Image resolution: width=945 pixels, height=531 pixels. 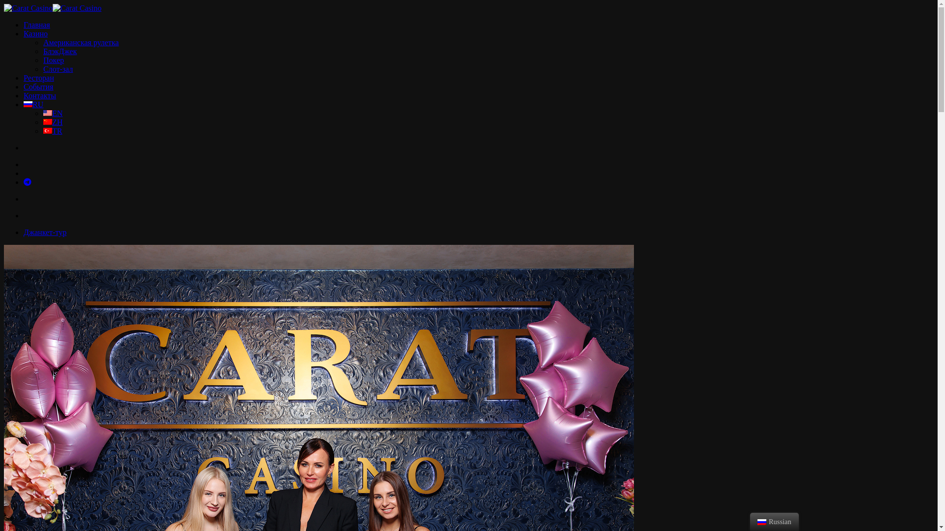 What do you see at coordinates (47, 121) in the screenshot?
I see `'Chinese'` at bounding box center [47, 121].